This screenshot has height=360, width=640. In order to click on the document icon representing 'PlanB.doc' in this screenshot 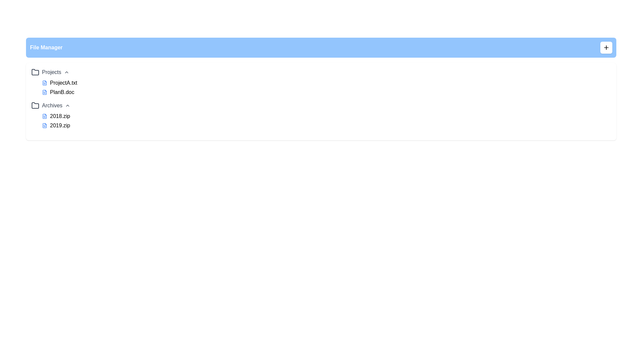, I will do `click(44, 92)`.